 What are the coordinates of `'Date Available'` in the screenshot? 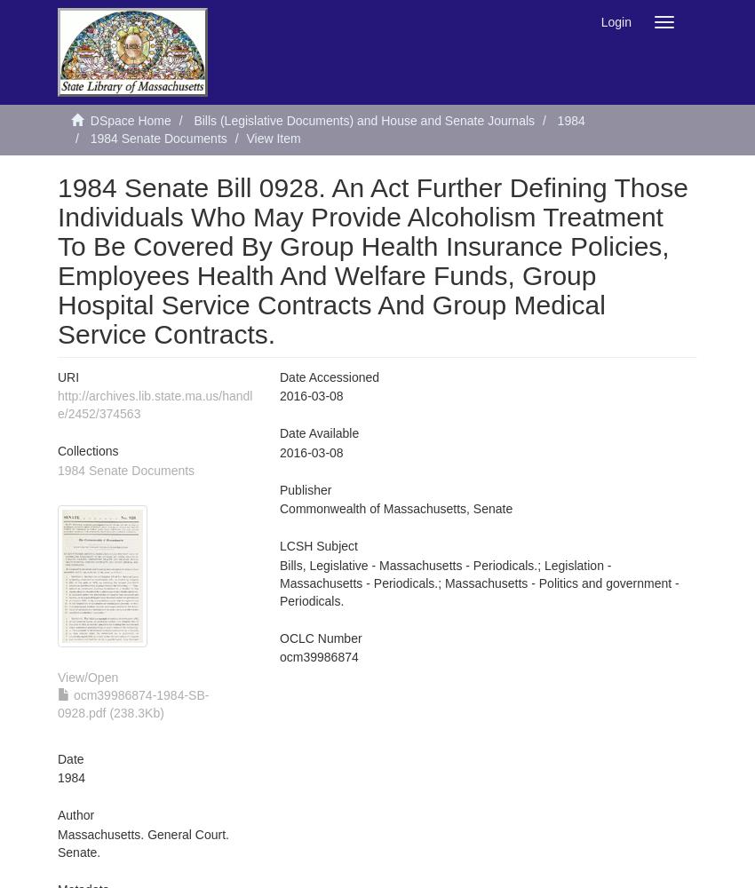 It's located at (318, 432).